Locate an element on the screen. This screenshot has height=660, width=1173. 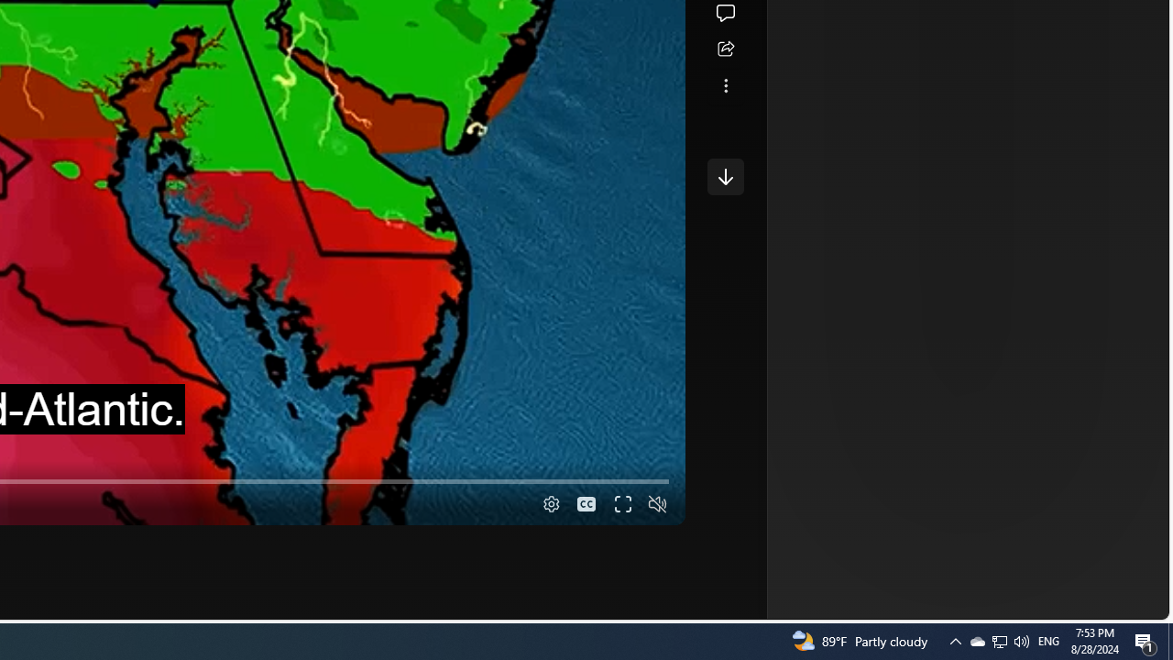
'Share this story' is located at coordinates (724, 49).